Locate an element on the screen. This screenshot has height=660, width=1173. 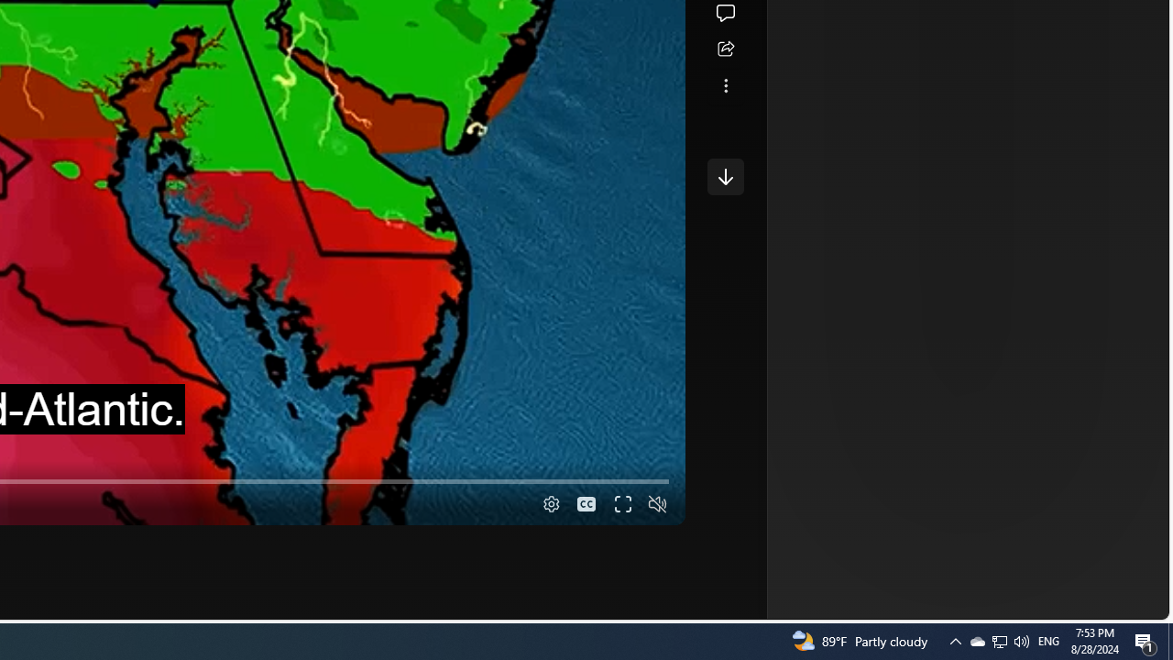
'Share this story' is located at coordinates (724, 49).